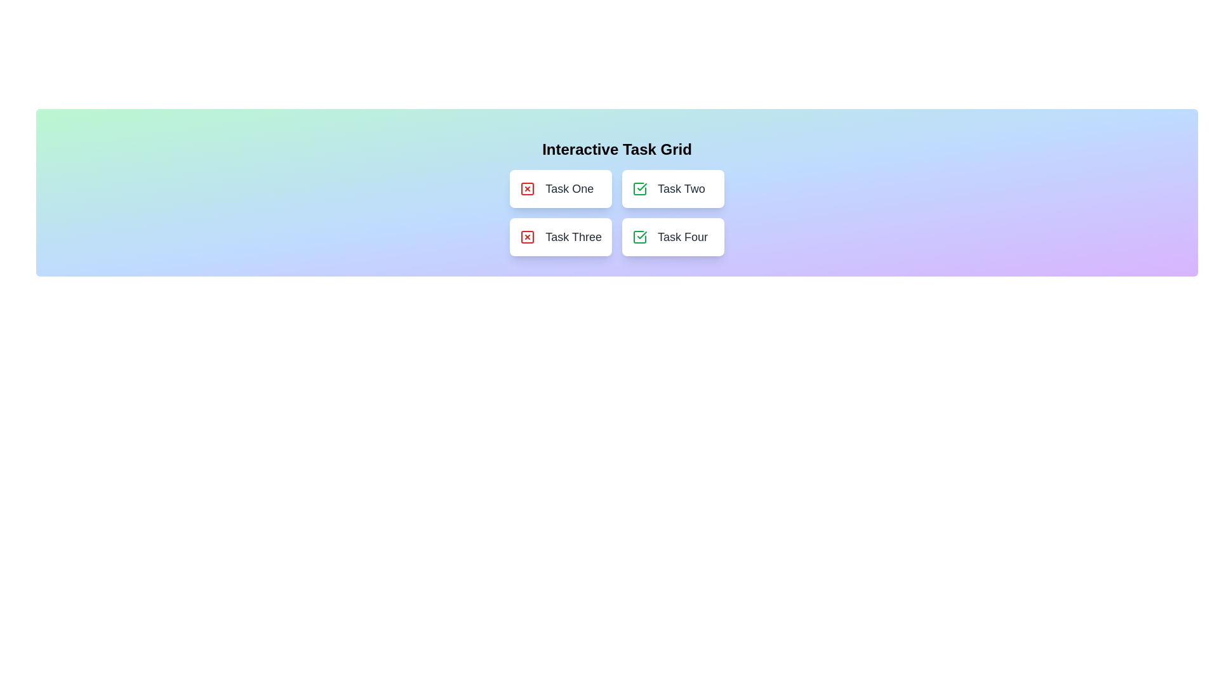 The width and height of the screenshot is (1219, 685). Describe the element at coordinates (672, 237) in the screenshot. I see `the button corresponding to Task Four to toggle its status` at that location.